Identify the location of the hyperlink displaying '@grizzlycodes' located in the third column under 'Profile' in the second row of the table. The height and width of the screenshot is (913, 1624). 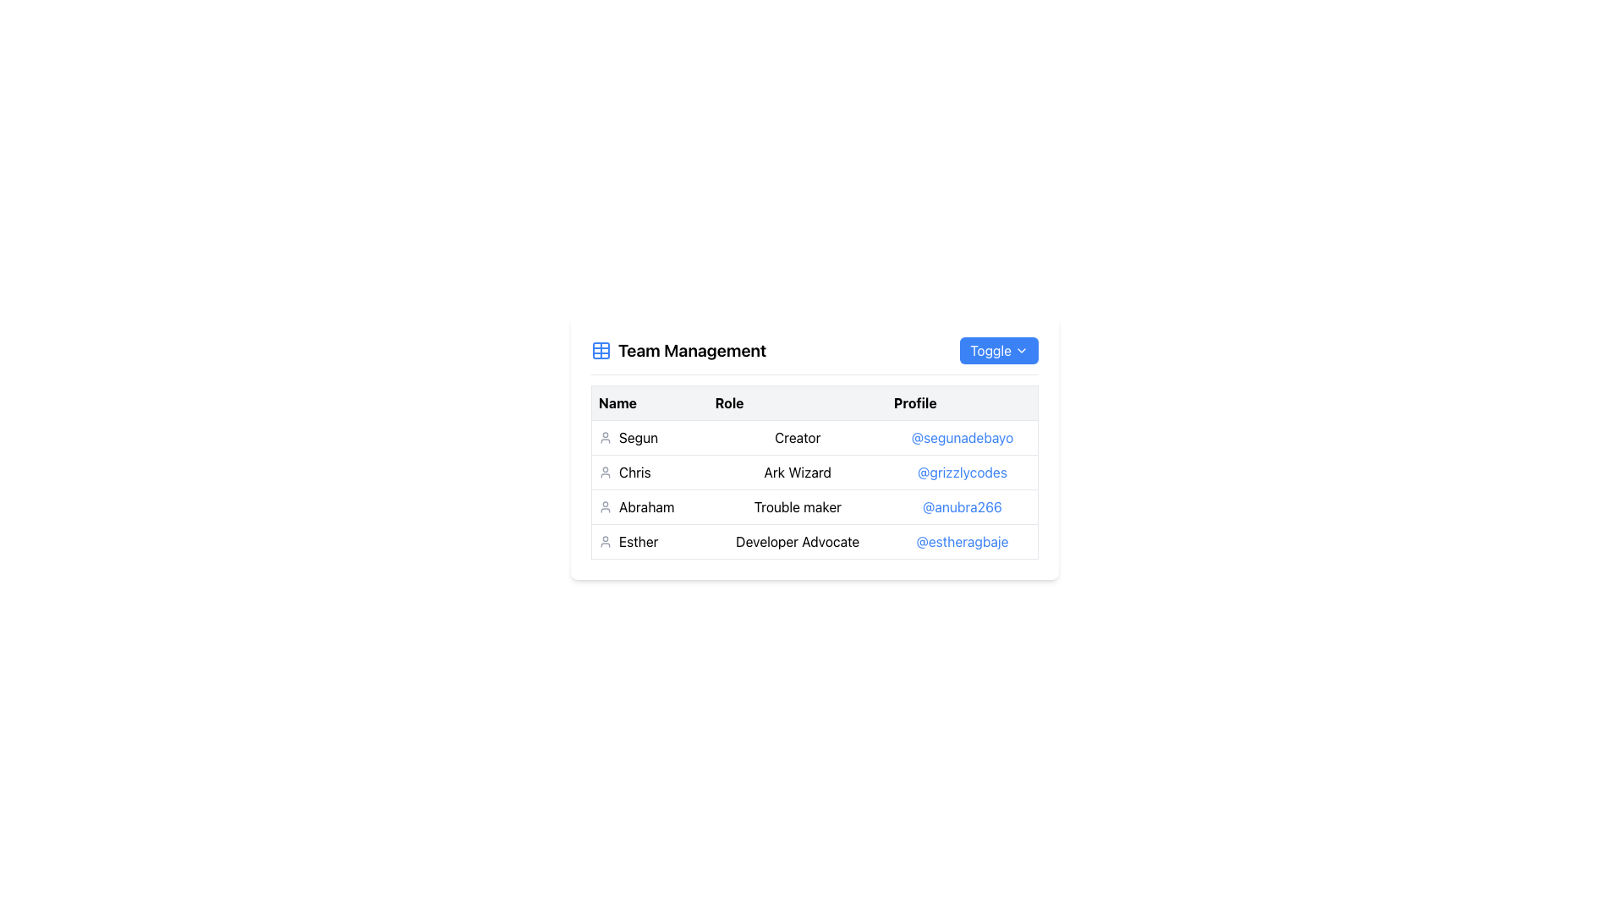
(963, 473).